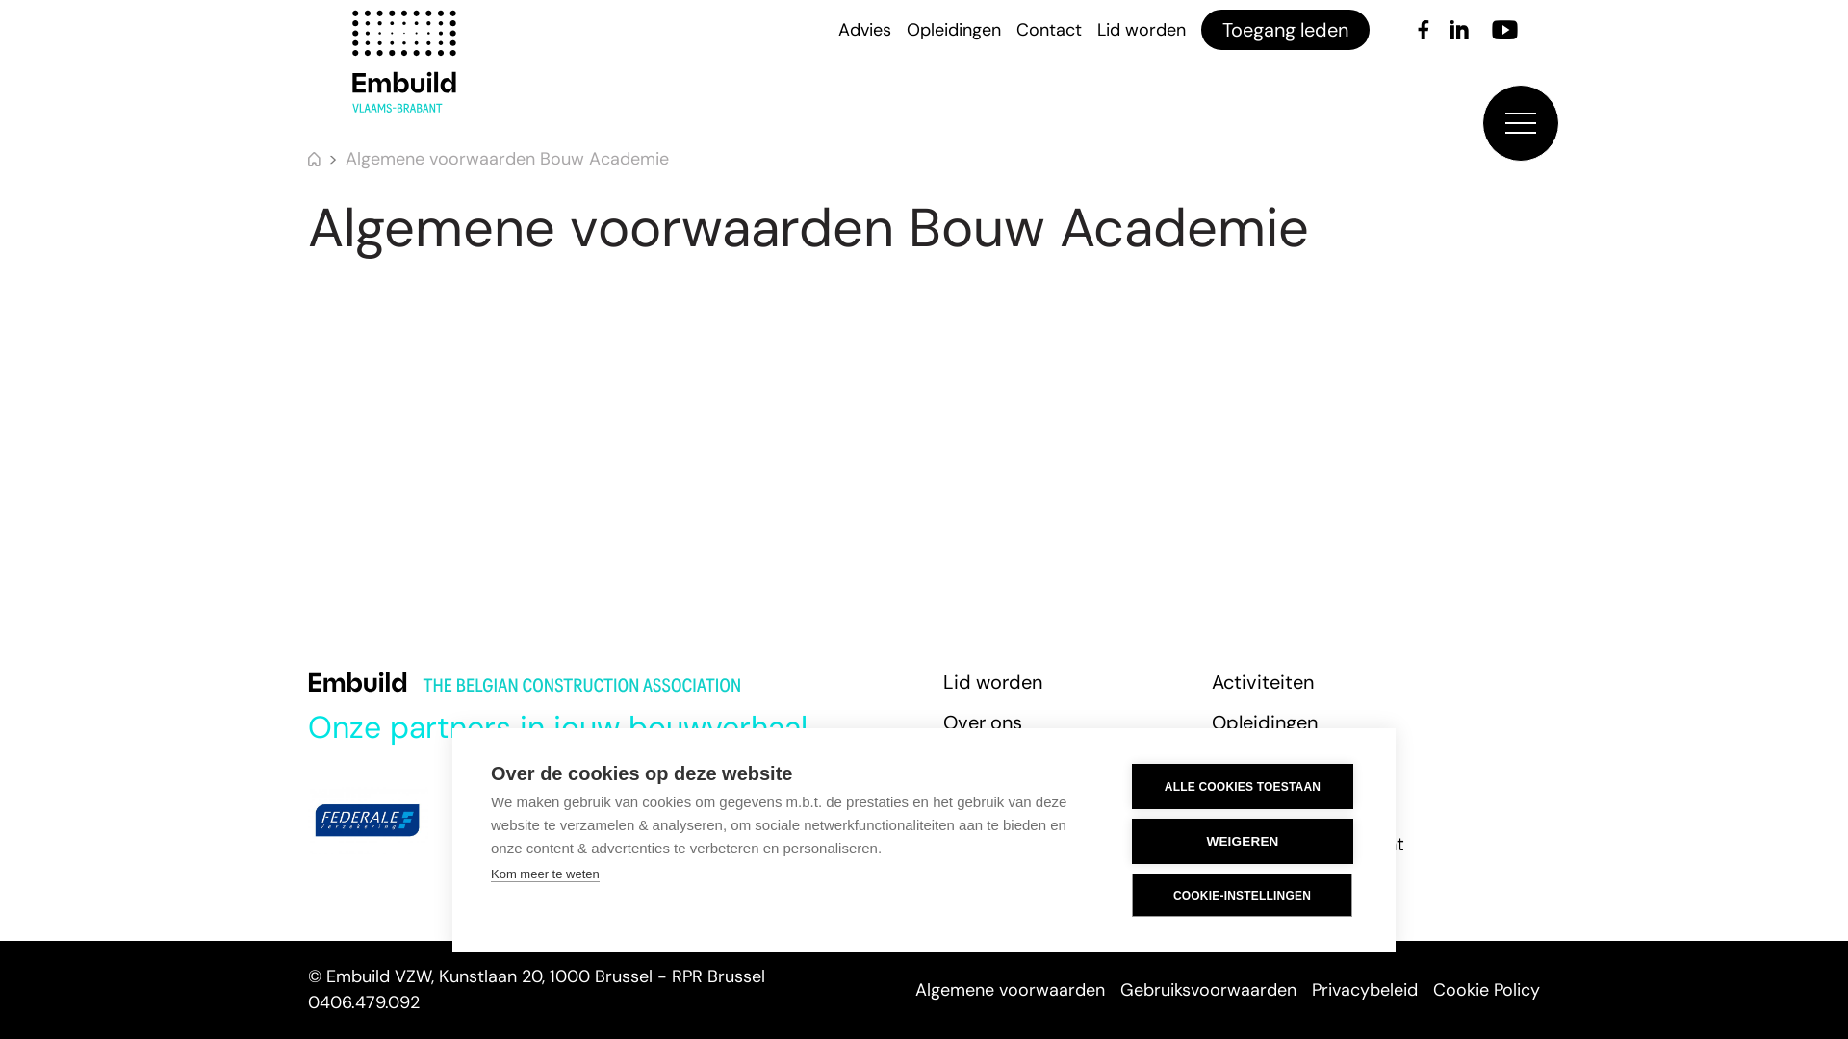  I want to click on 'Zoek een vakman', so click(1018, 802).